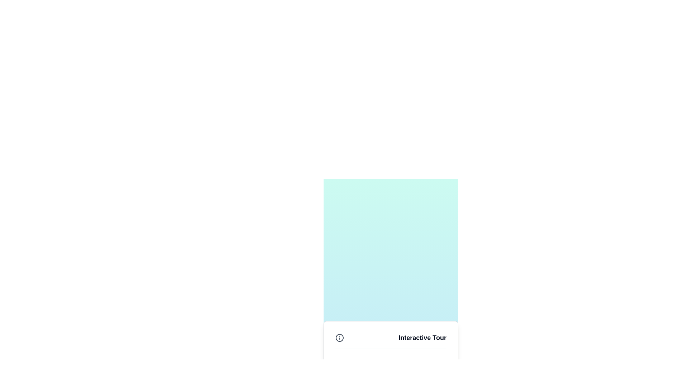 Image resolution: width=688 pixels, height=387 pixels. What do you see at coordinates (339, 338) in the screenshot?
I see `the small circular icon with a gray outline and inner markings that represents an information symbol, located to the left of the 'Interactive Tour' label` at bounding box center [339, 338].